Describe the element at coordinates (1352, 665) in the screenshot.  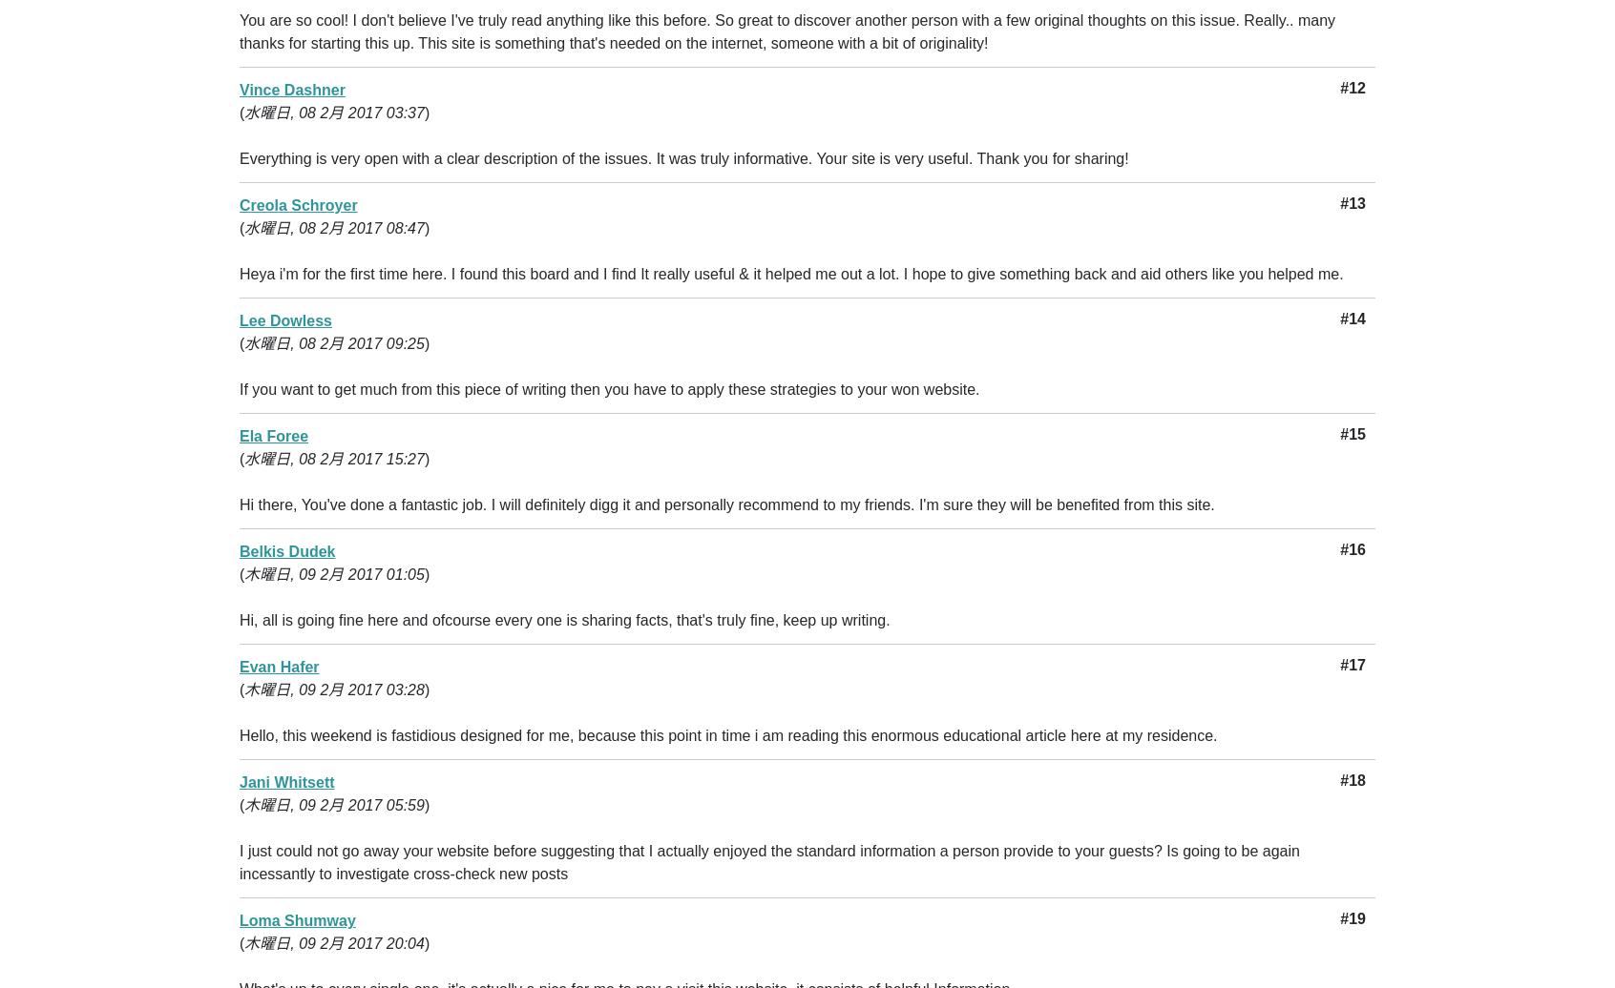
I see `'#17'` at that location.